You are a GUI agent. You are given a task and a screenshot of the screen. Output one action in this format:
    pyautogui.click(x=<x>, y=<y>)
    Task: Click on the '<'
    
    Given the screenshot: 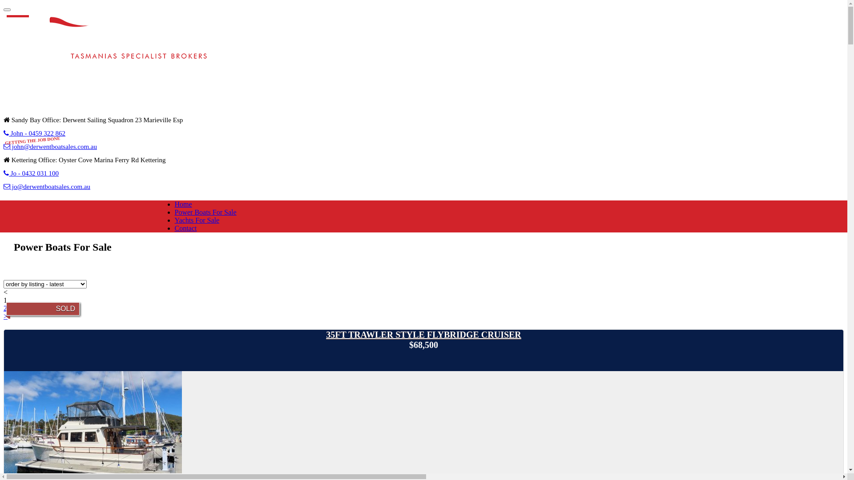 What is the action you would take?
    pyautogui.click(x=4, y=292)
    